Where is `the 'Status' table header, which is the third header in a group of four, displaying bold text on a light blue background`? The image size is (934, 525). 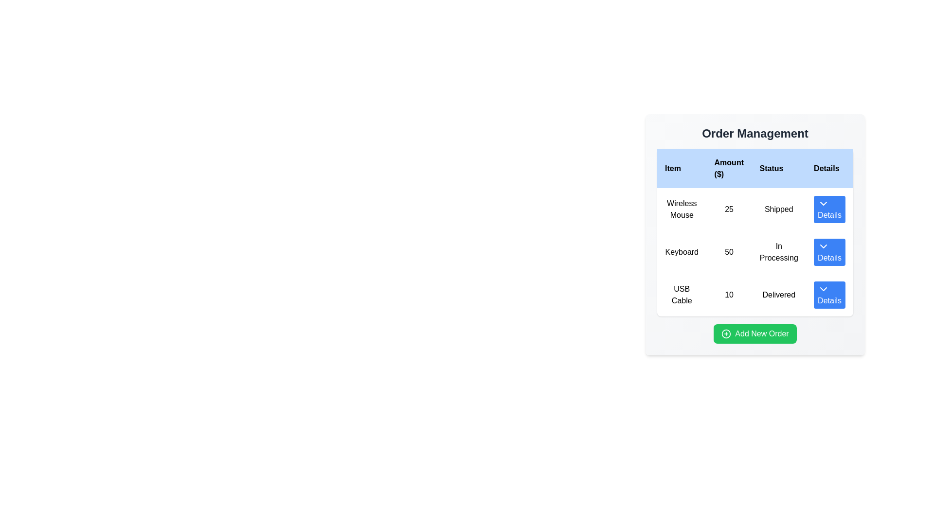
the 'Status' table header, which is the third header in a group of four, displaying bold text on a light blue background is located at coordinates (779, 168).